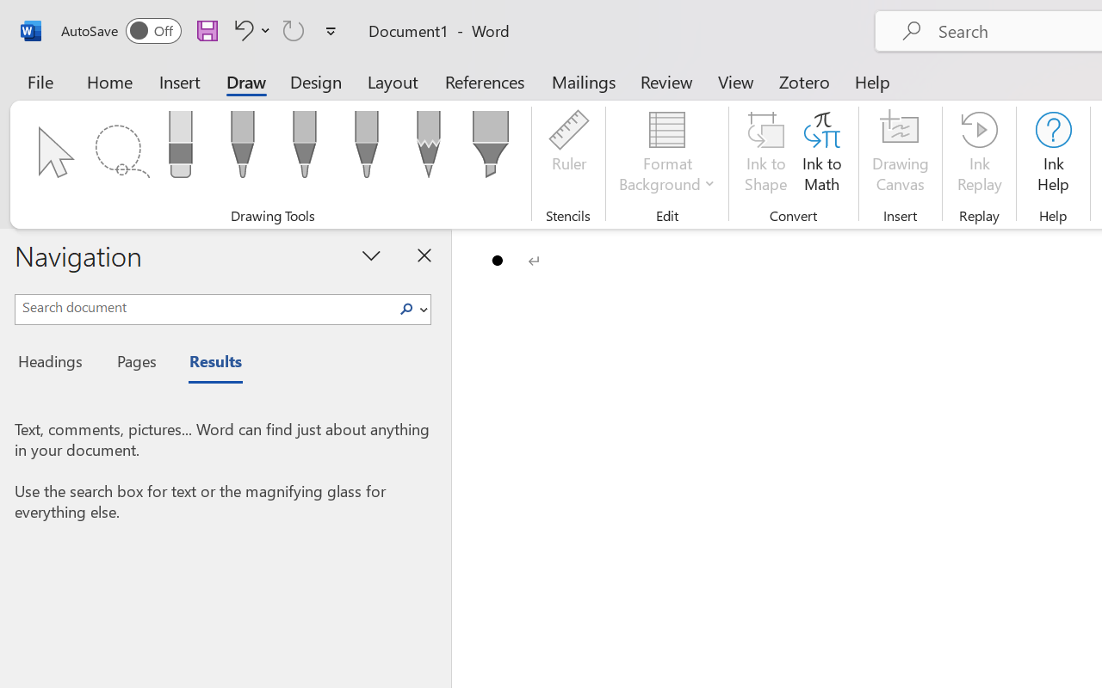 The width and height of the screenshot is (1102, 688). Describe the element at coordinates (900, 154) in the screenshot. I see `'Drawing Canvas'` at that location.